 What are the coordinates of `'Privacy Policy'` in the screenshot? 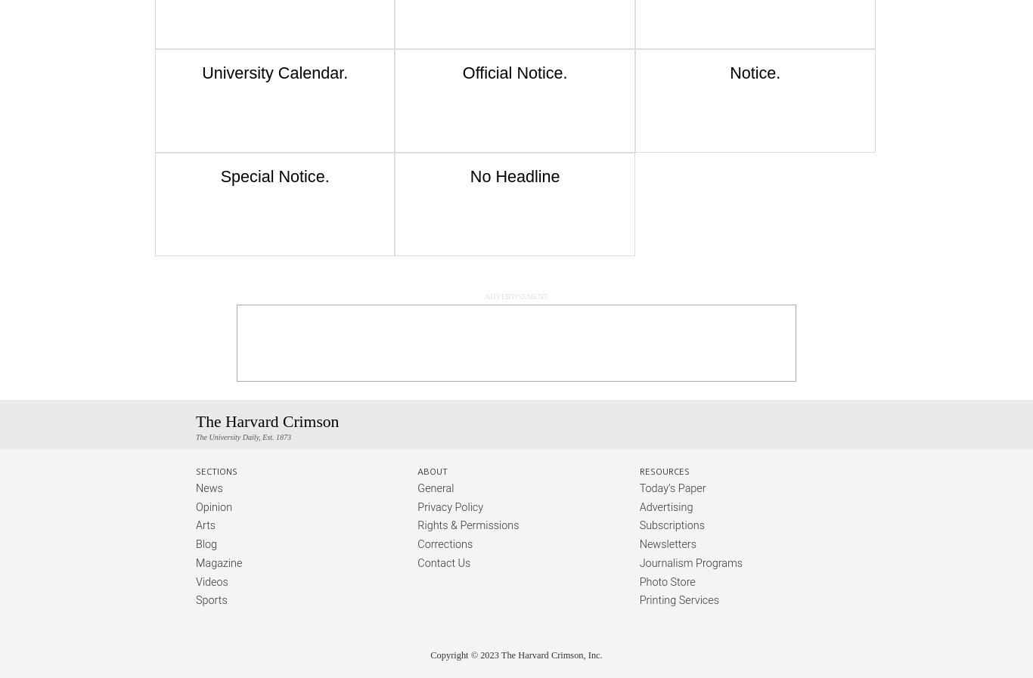 It's located at (449, 506).